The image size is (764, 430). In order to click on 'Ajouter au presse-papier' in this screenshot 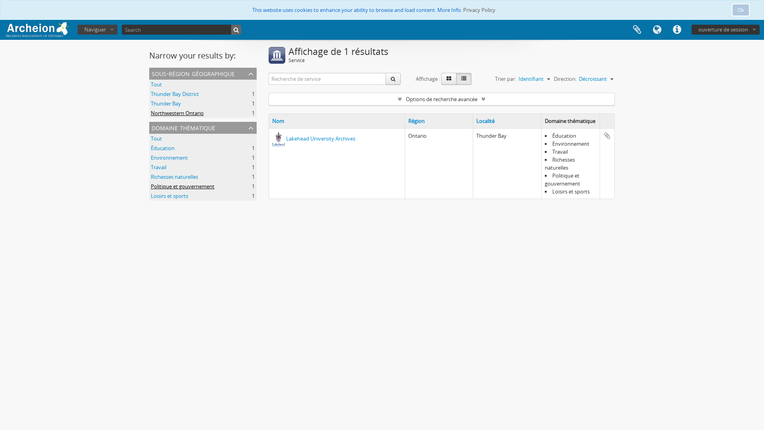, I will do `click(607, 135)`.